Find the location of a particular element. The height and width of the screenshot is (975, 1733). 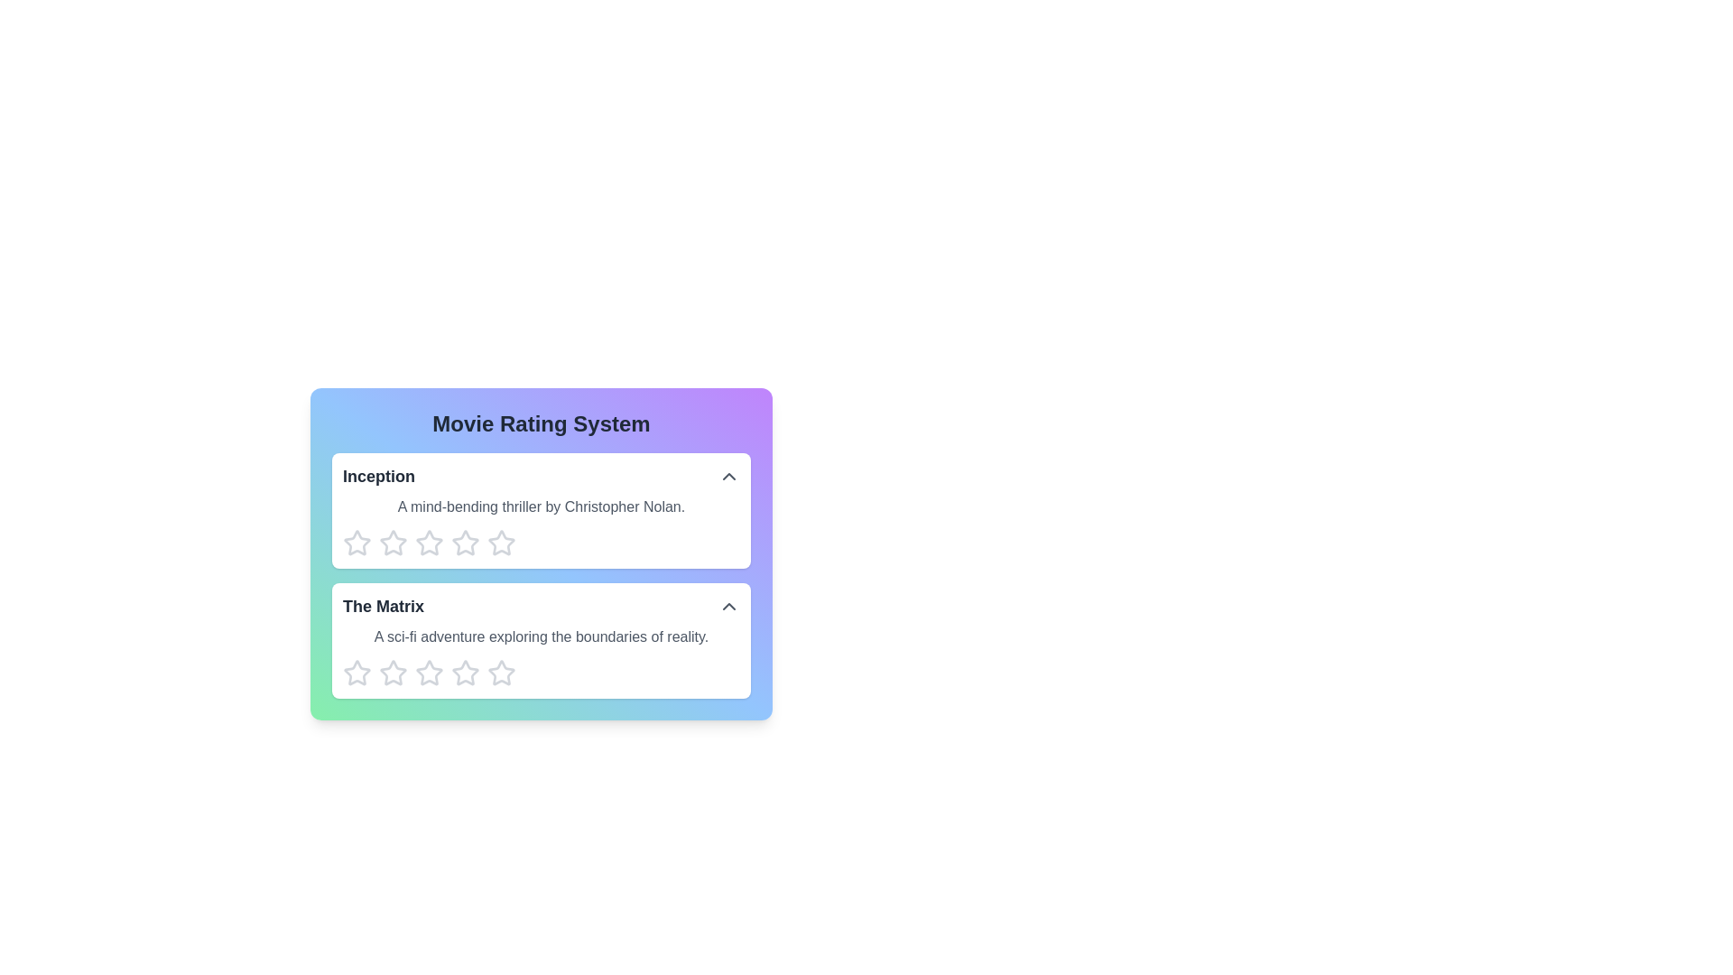

the first star icon in the rating system under the 'Inception' section to observe the scaling effect is located at coordinates (357, 542).